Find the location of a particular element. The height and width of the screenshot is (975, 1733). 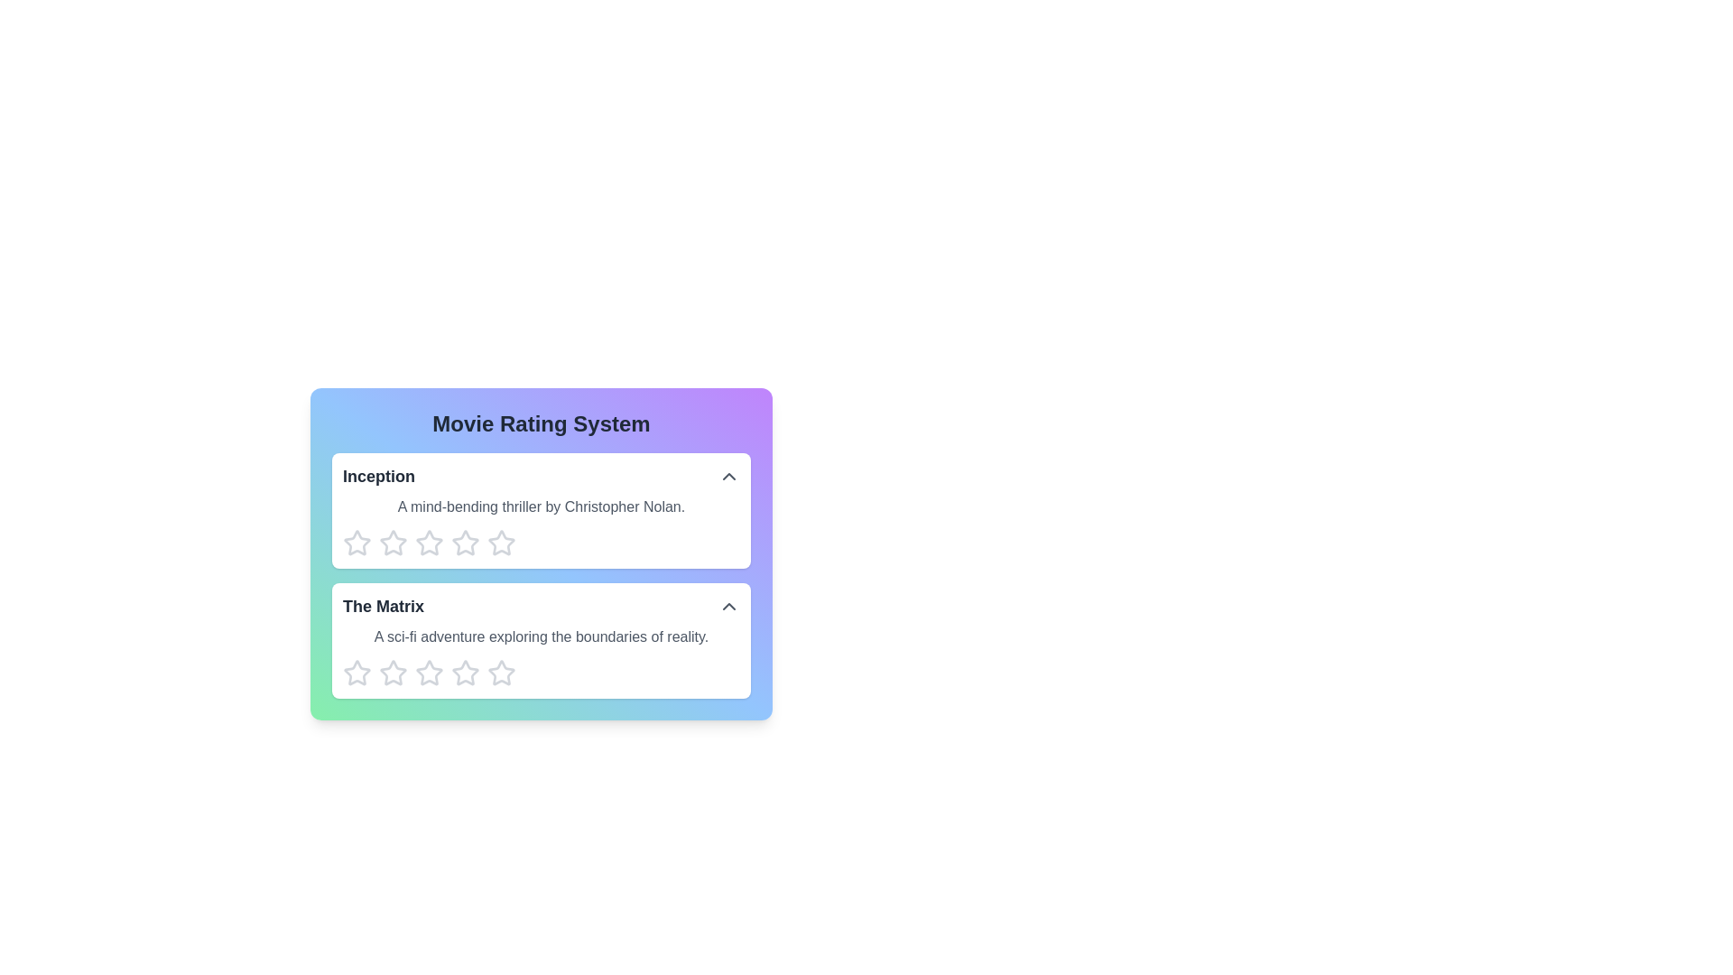

the first star icon in the rating system under the 'Inception' section to observe the scaling effect is located at coordinates (357, 542).